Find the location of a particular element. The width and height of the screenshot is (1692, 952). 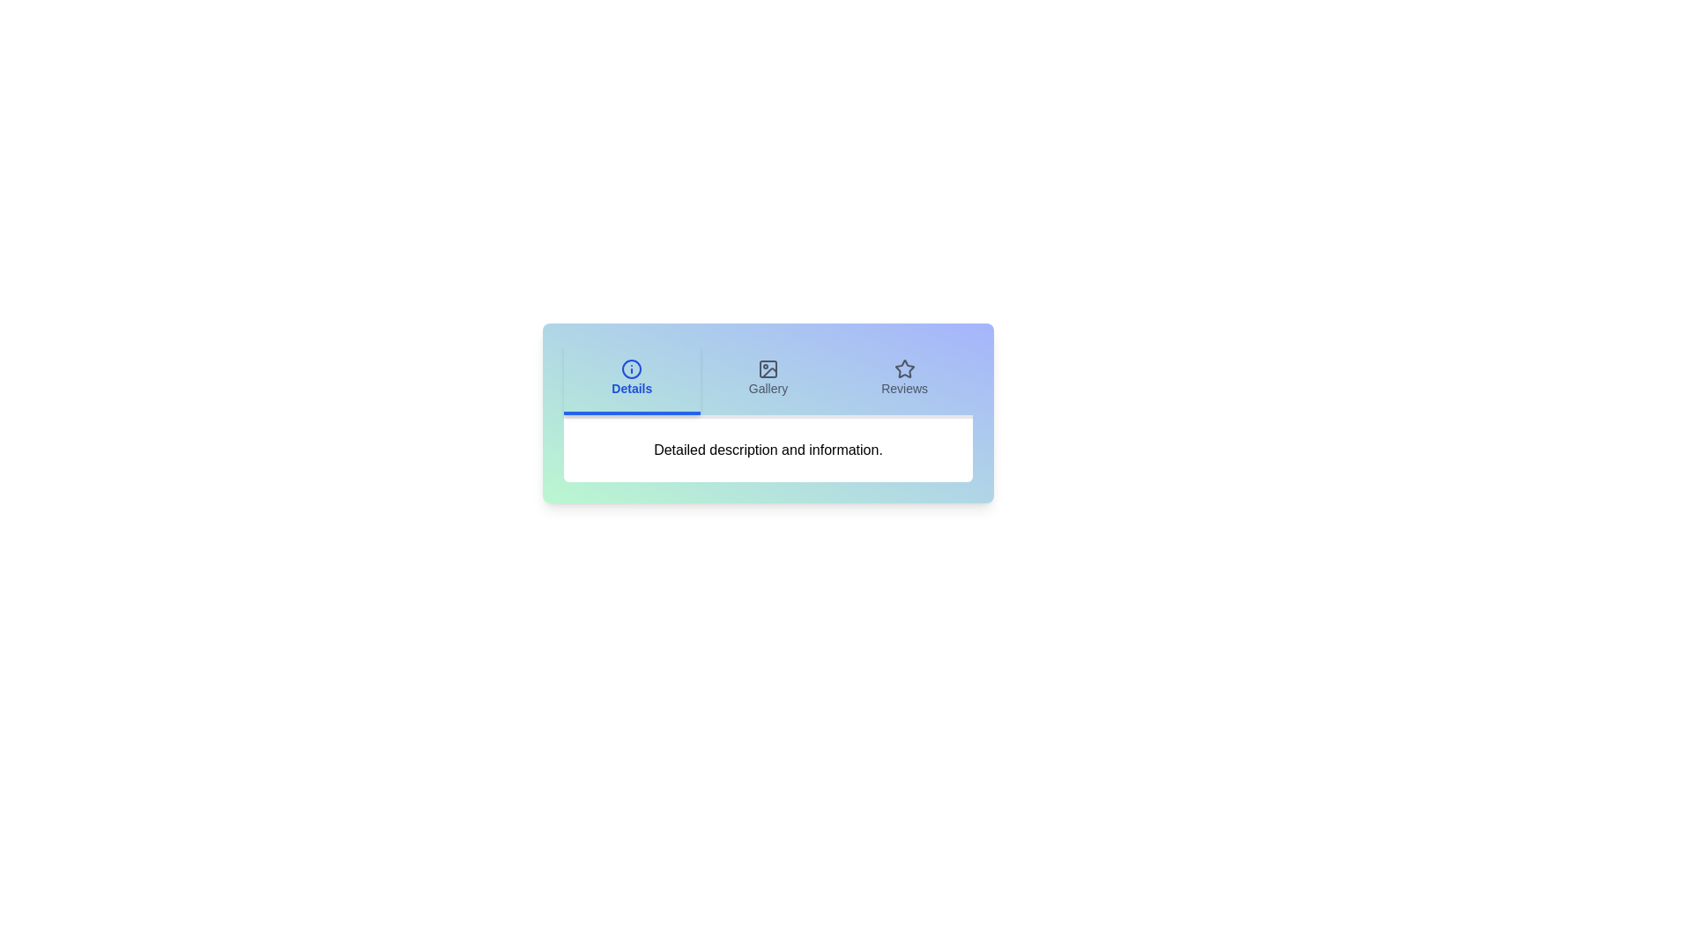

the Details tab to observe its hover effect is located at coordinates (631, 379).